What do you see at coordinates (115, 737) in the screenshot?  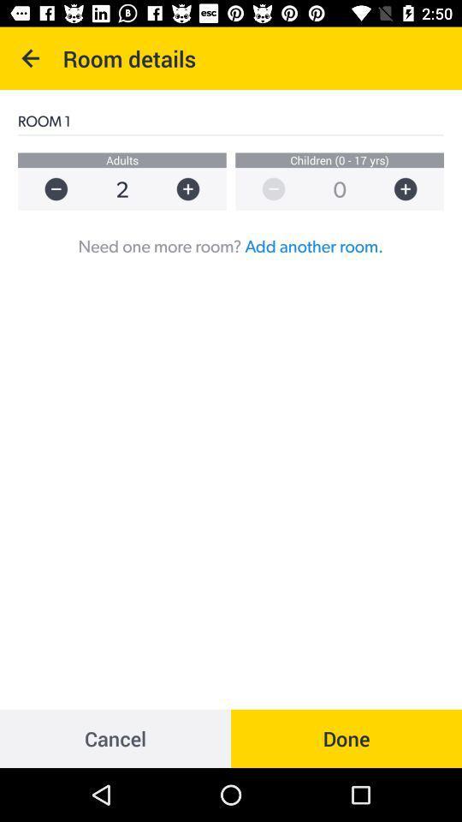 I see `the item to the left of the done item` at bounding box center [115, 737].